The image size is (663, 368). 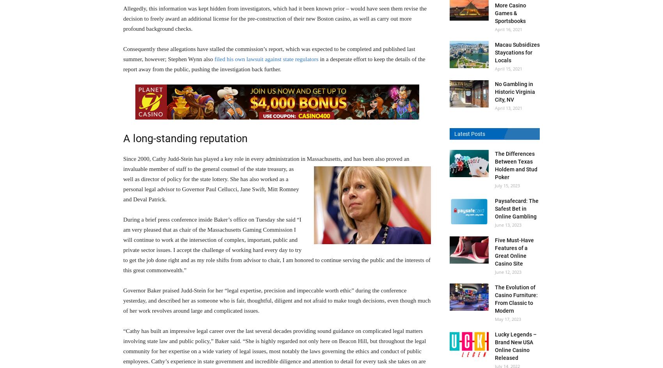 What do you see at coordinates (123, 54) in the screenshot?
I see `'Consequently these allegations have stalled the commission’s report, which was expected to be completed and published last summer, however; Stephen Wynn also'` at bounding box center [123, 54].